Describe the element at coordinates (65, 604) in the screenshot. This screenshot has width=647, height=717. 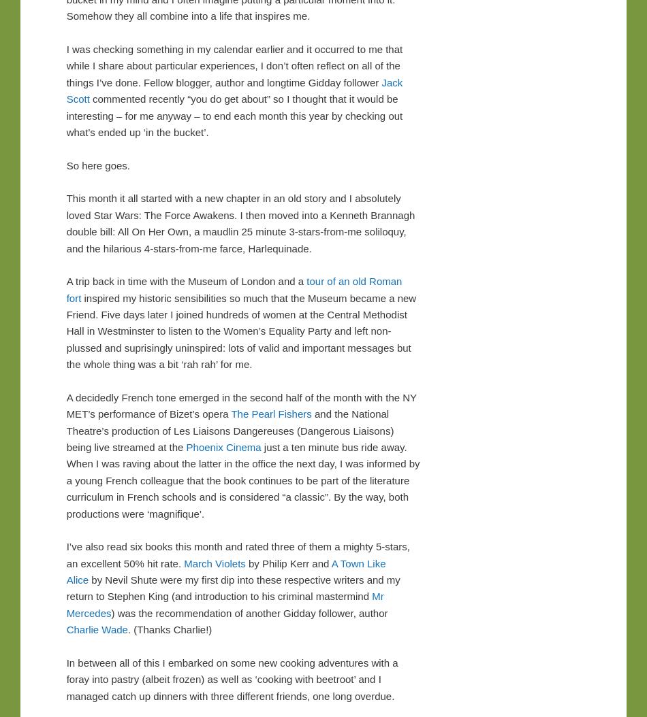
I see `'Mr Mercedes'` at that location.